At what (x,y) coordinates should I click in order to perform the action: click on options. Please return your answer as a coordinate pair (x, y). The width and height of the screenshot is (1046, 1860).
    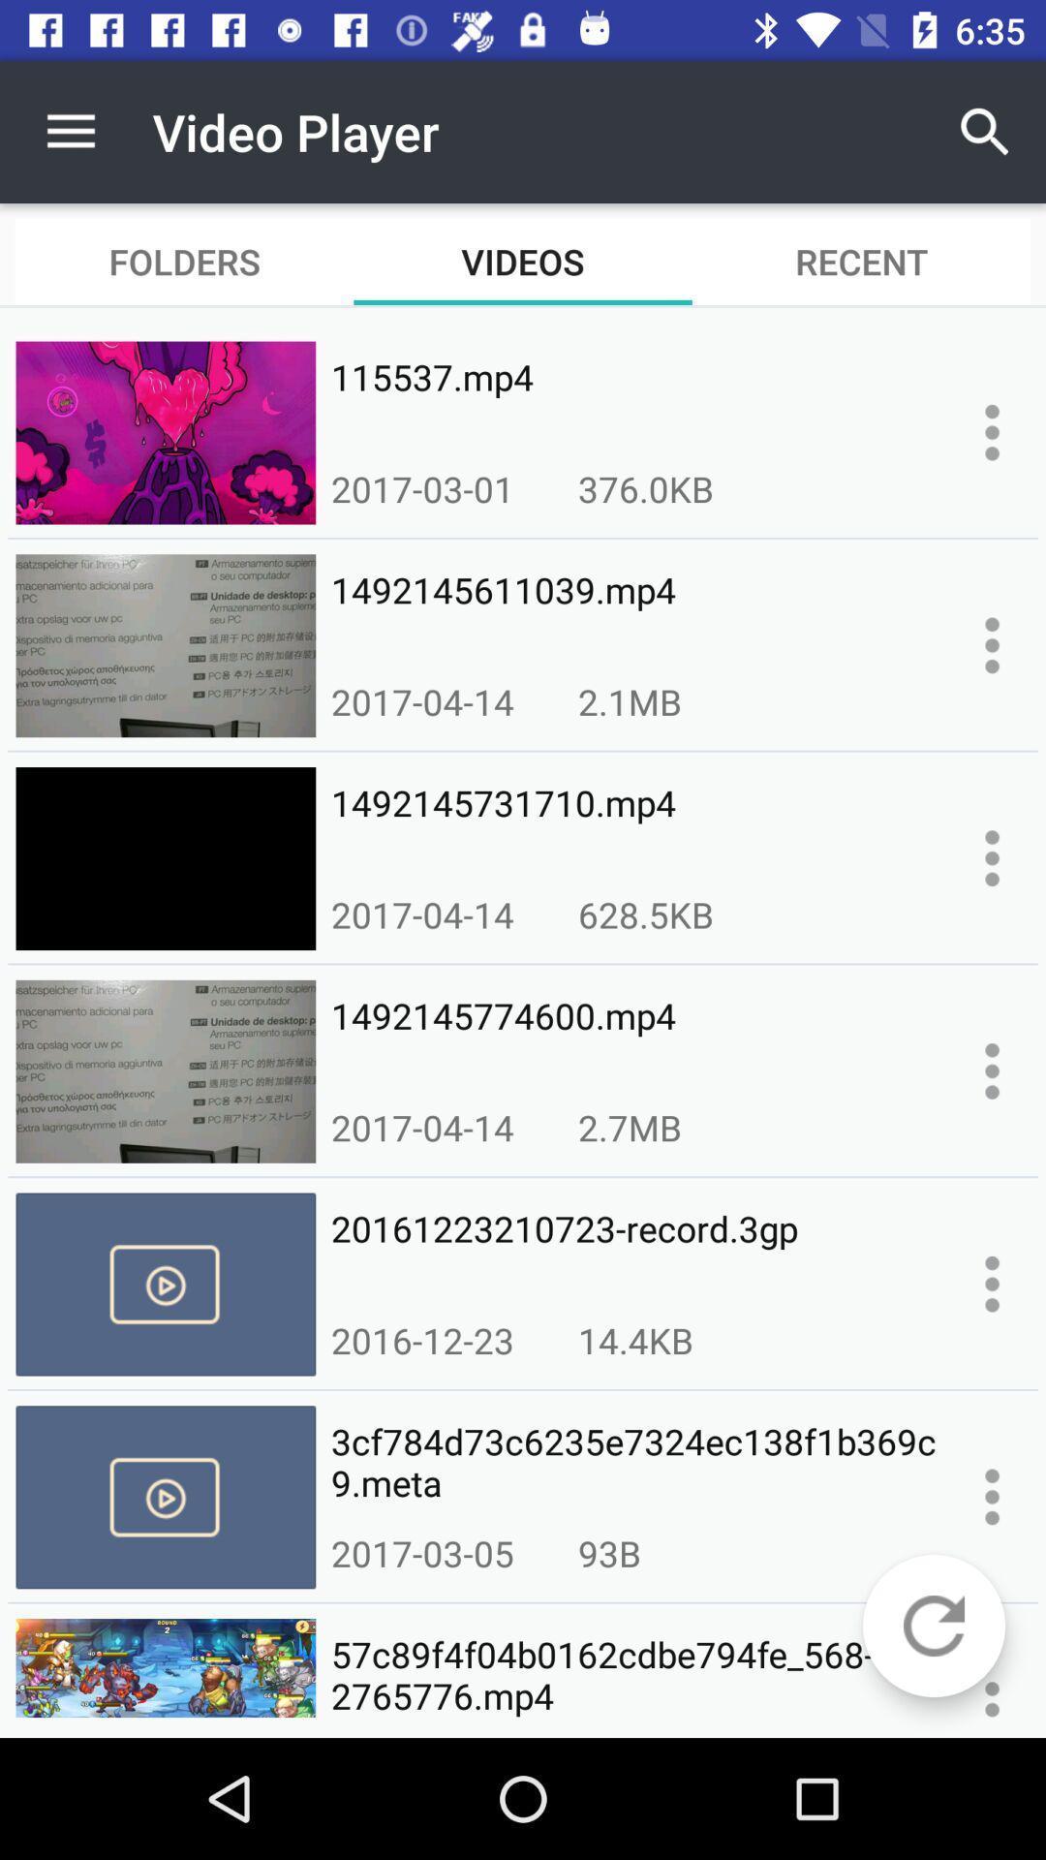
    Looking at the image, I should click on (992, 1689).